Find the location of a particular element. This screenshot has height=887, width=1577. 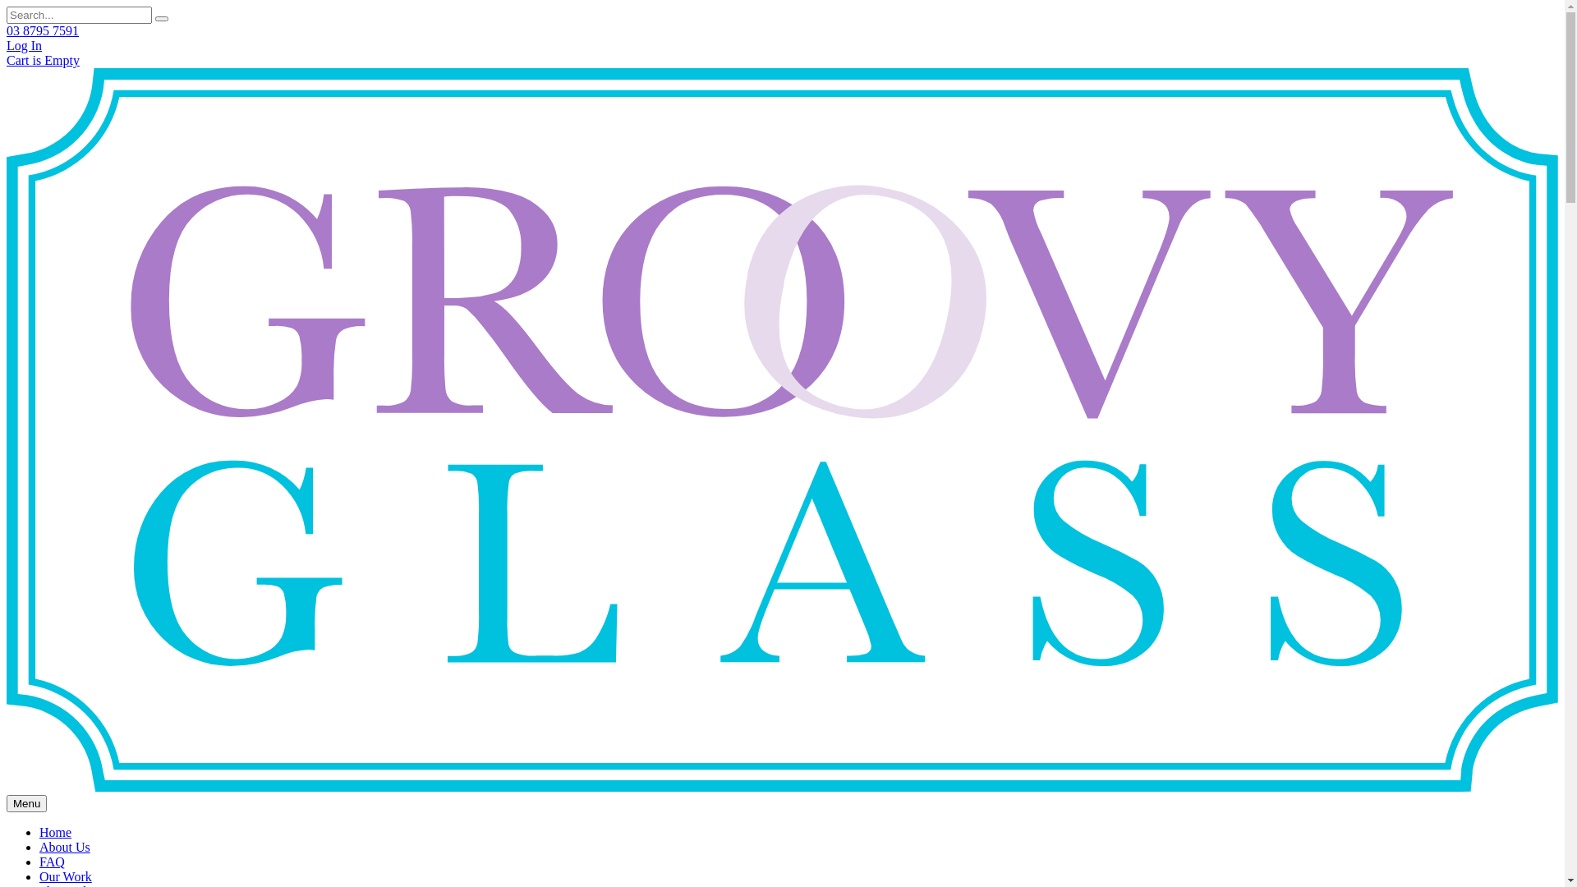

'About Us' is located at coordinates (64, 847).